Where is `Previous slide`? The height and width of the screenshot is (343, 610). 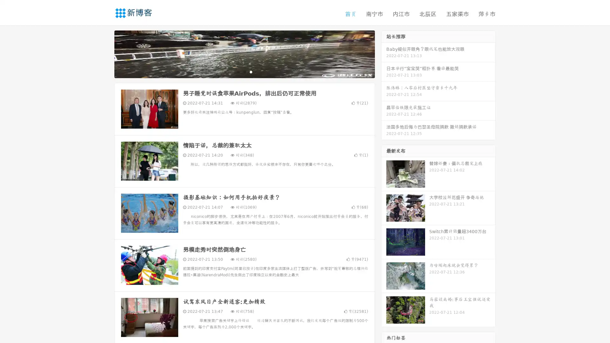
Previous slide is located at coordinates (105, 53).